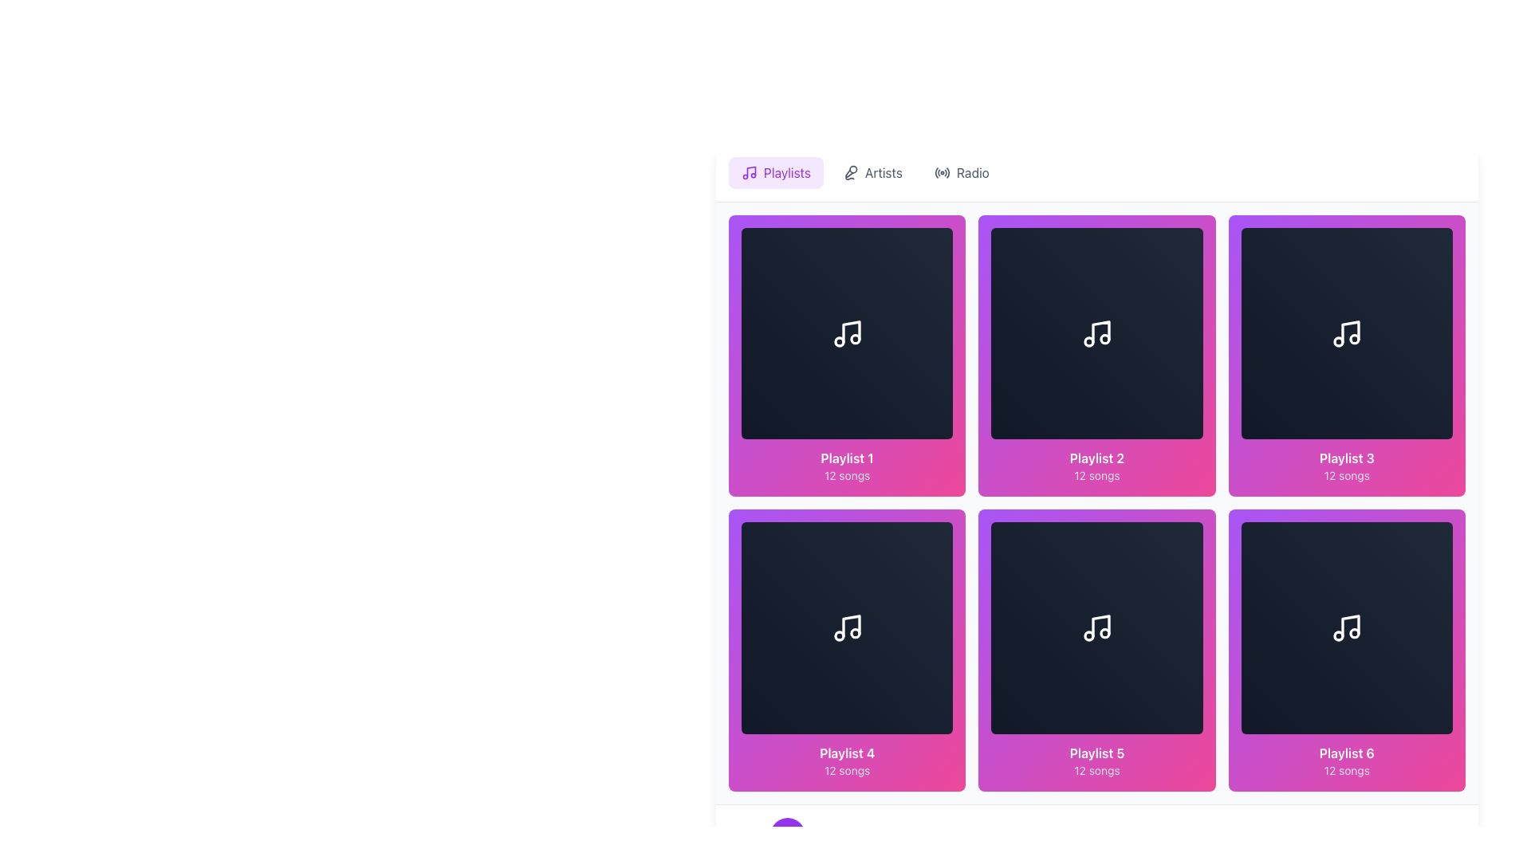  What do you see at coordinates (961, 172) in the screenshot?
I see `the 'Radio' button in the upper-right section of the navigation menu` at bounding box center [961, 172].